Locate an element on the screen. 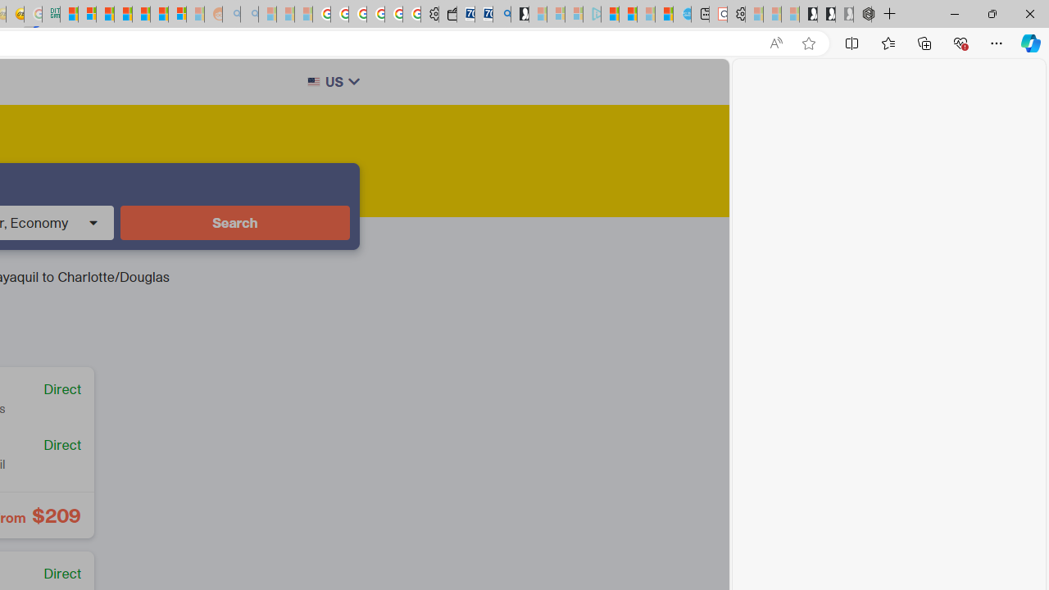  'Class: w-full h-auto rounded-sm border border-gray-200' is located at coordinates (313, 82).